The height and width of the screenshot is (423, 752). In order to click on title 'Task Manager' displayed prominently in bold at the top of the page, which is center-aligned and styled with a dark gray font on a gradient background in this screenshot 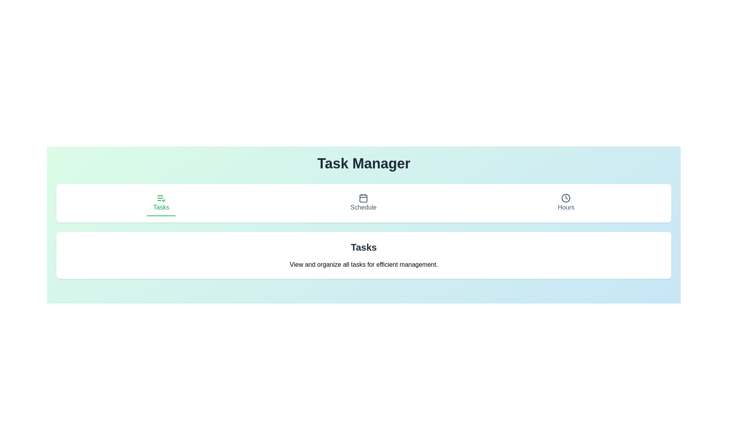, I will do `click(363, 163)`.